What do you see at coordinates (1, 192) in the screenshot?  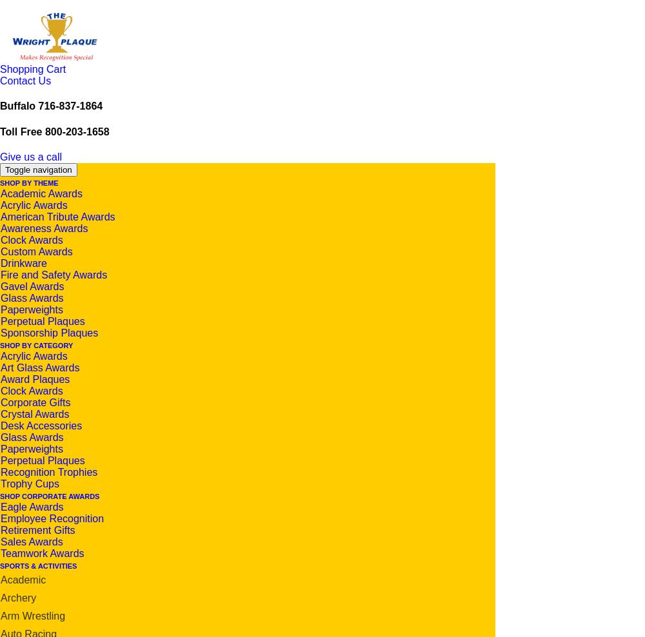 I see `'Academic Awards'` at bounding box center [1, 192].